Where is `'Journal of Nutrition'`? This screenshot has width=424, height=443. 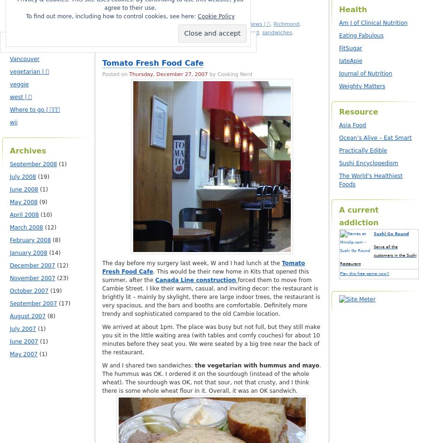 'Journal of Nutrition' is located at coordinates (365, 73).